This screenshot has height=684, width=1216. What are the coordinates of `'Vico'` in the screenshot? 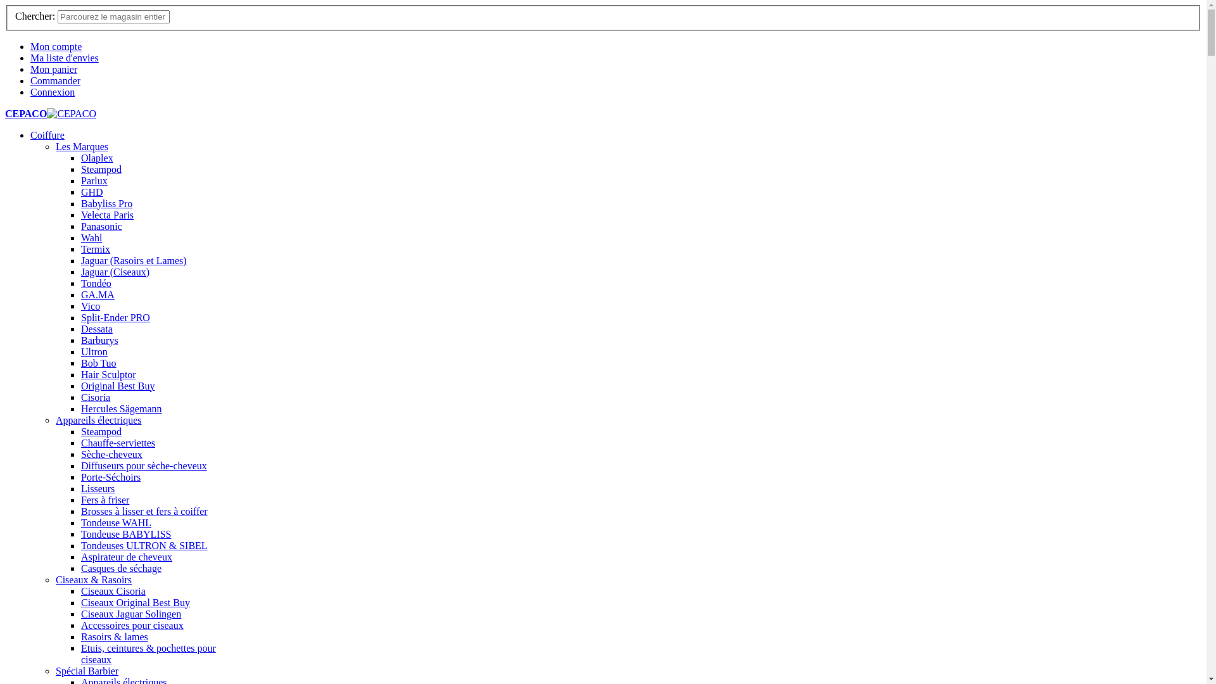 It's located at (90, 306).